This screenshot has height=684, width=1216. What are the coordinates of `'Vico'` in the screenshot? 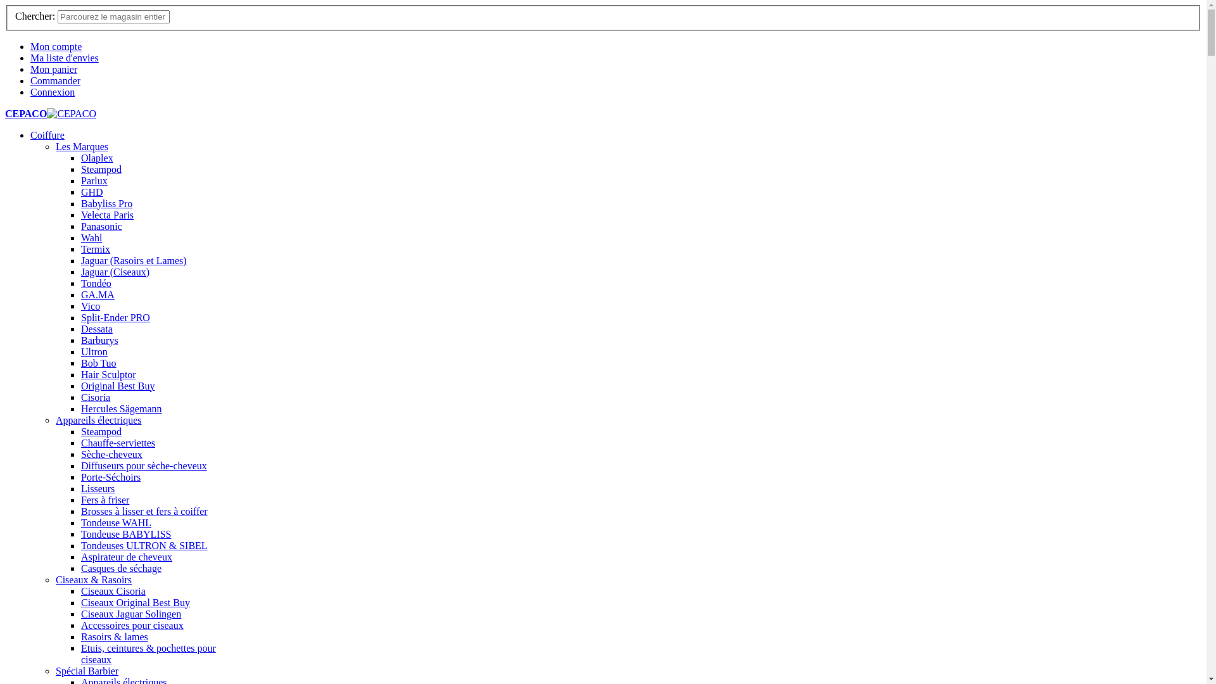 It's located at (90, 306).